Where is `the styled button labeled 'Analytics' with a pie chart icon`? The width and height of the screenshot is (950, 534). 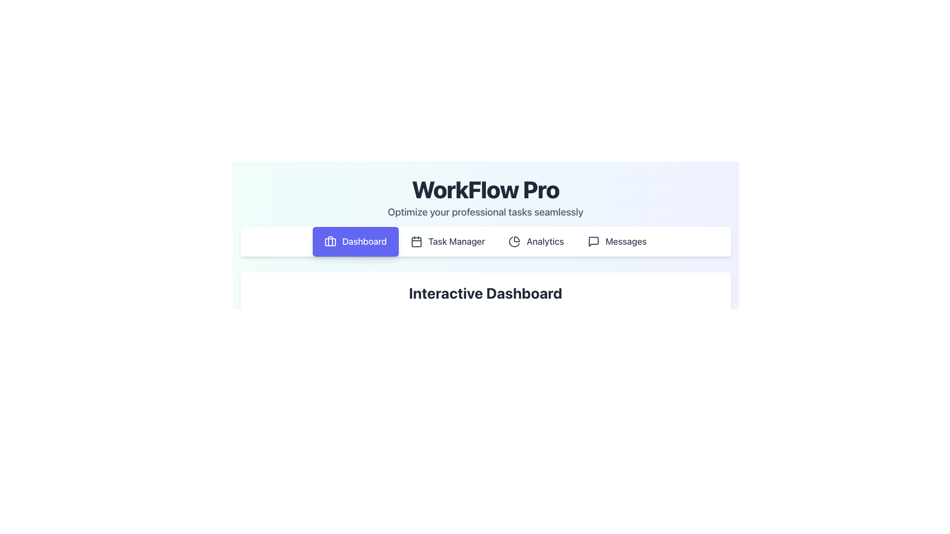 the styled button labeled 'Analytics' with a pie chart icon is located at coordinates (536, 242).